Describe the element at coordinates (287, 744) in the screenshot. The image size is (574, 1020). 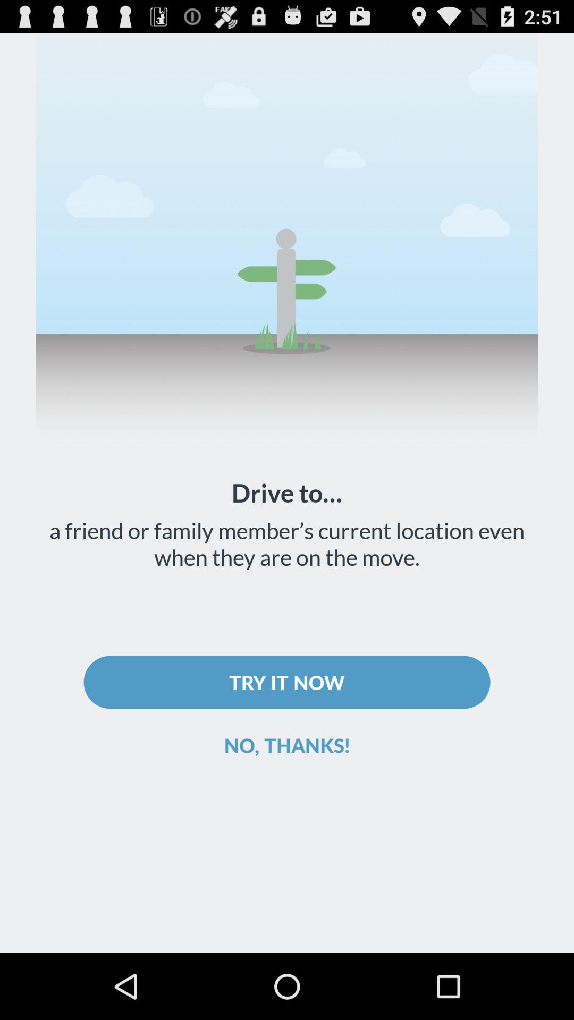
I see `the no, thanks!` at that location.